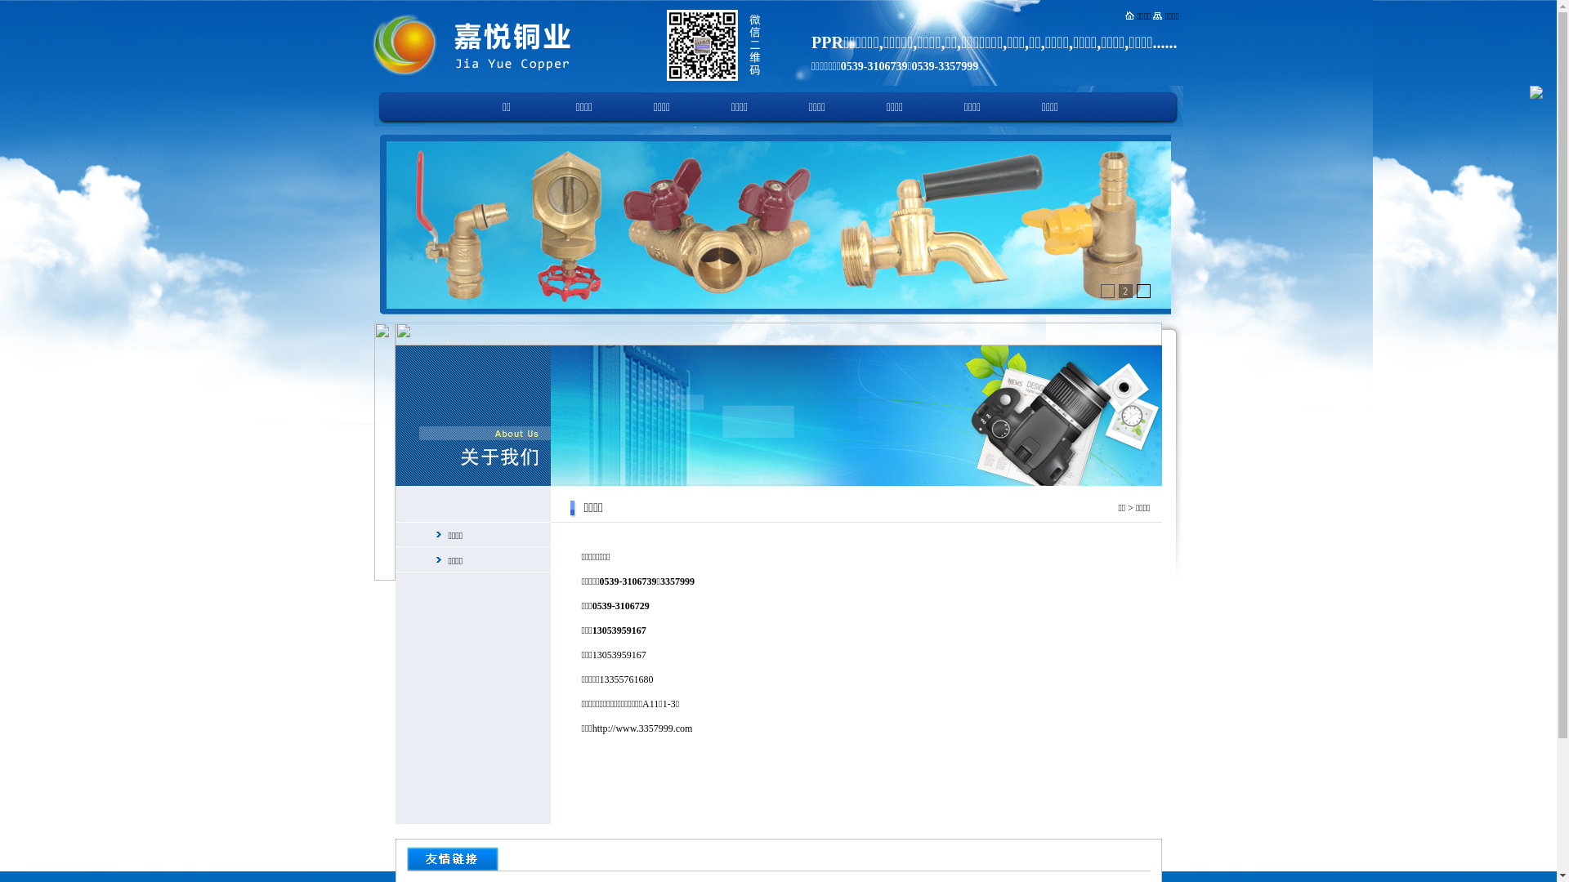 This screenshot has height=882, width=1569. I want to click on 'http://www.3357999.com', so click(641, 727).